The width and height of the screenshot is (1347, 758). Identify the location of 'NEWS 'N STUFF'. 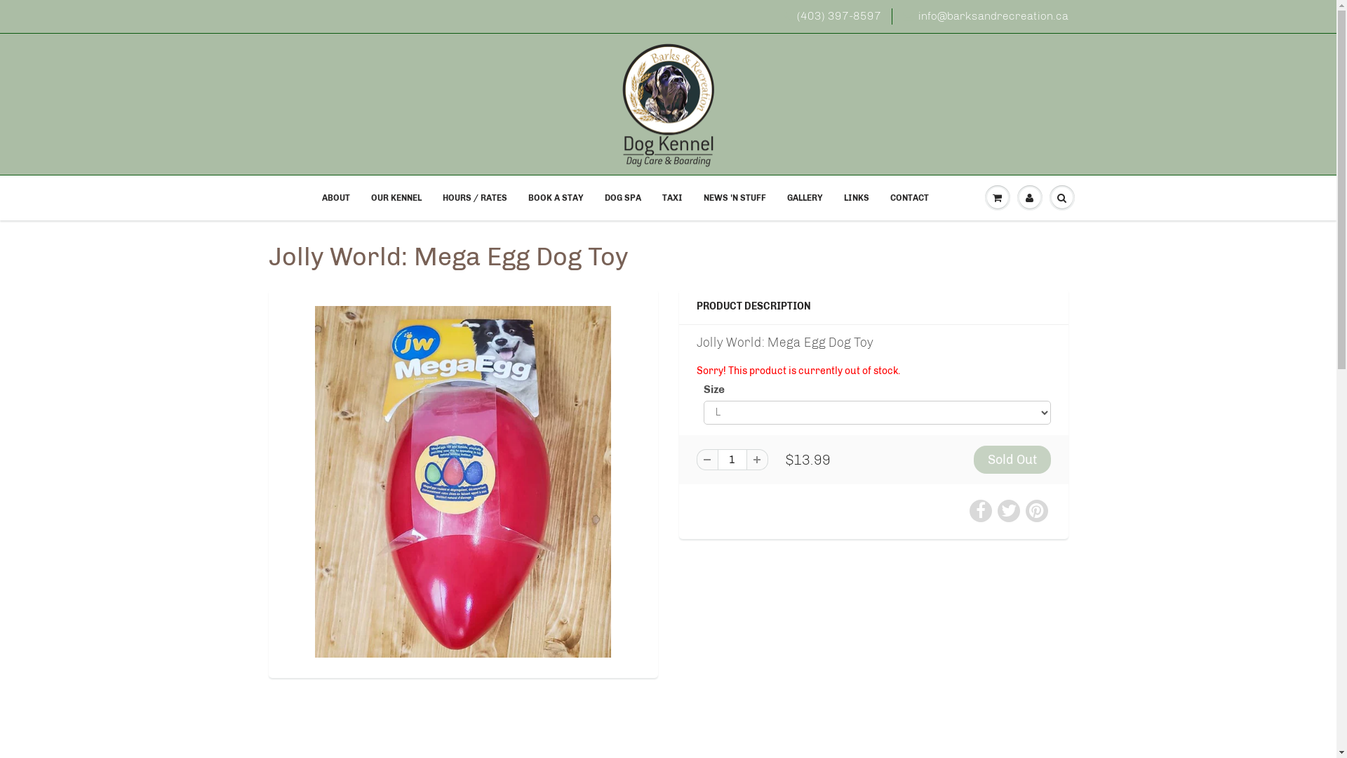
(734, 197).